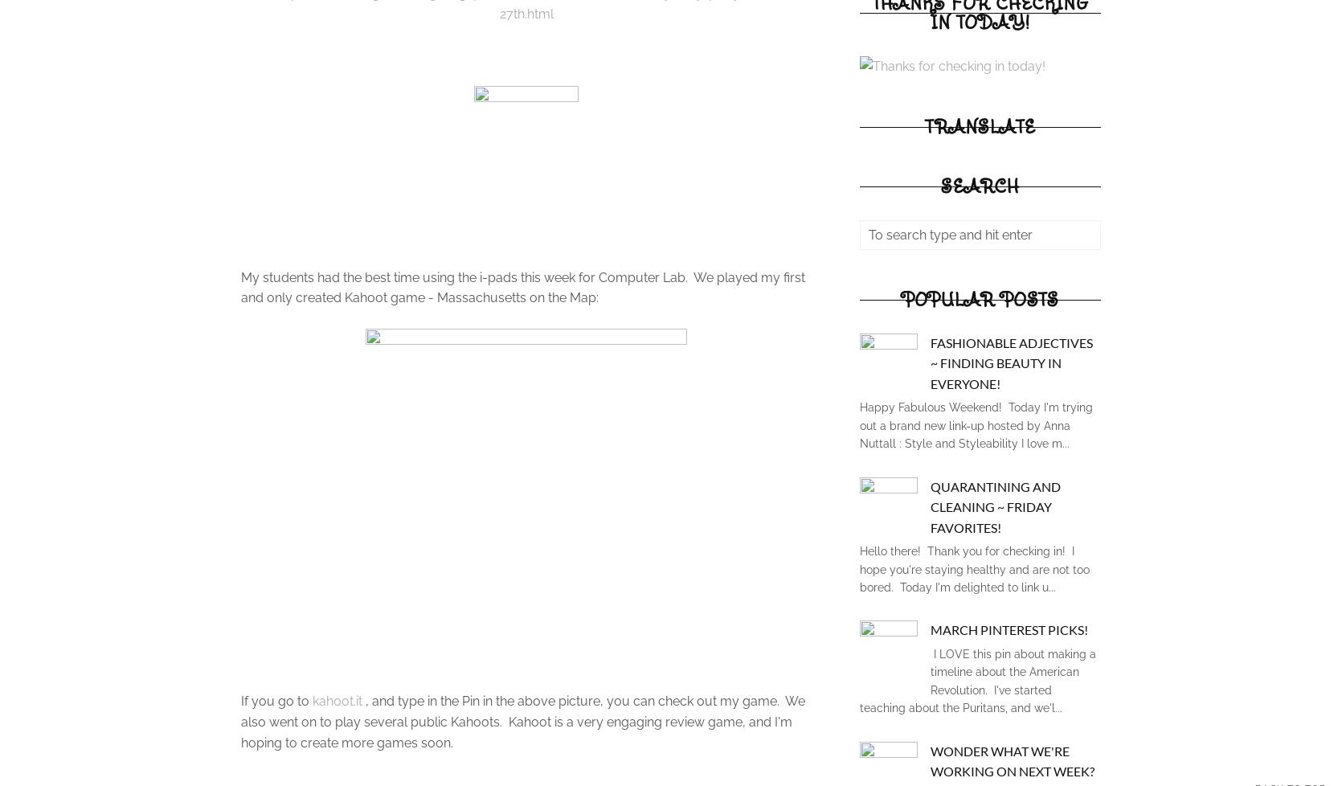 The image size is (1342, 786). What do you see at coordinates (977, 680) in the screenshot?
I see `'I LOVE this pin about making a timeline about the American Revolution.  I've started teaching about the Puritans, and we'l...'` at bounding box center [977, 680].